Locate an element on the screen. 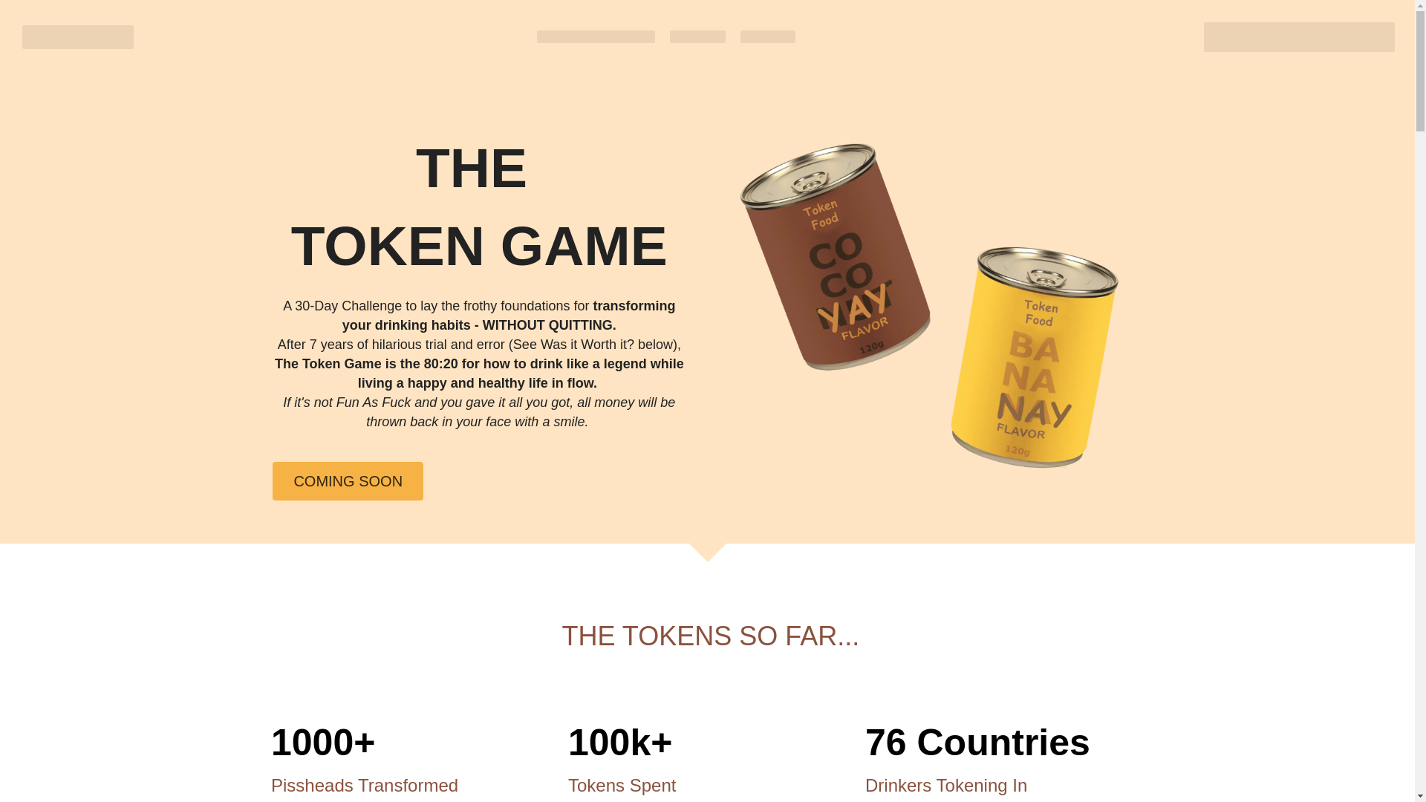  'COMING SOON' is located at coordinates (347, 481).